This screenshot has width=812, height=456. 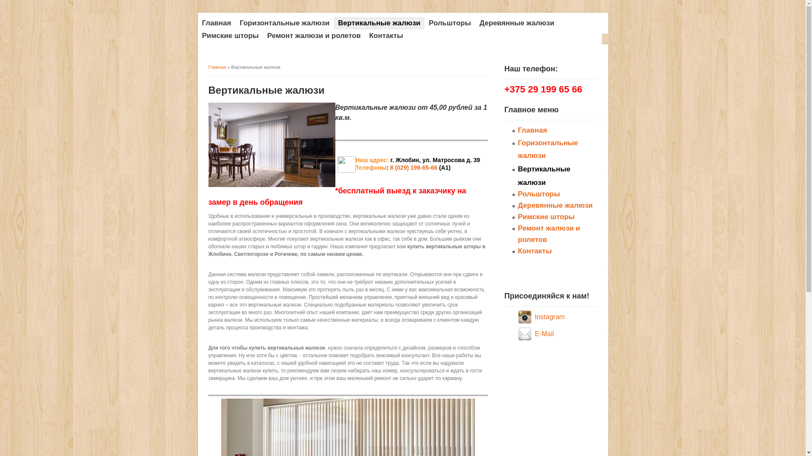 I want to click on 'Instagram', so click(x=525, y=317).